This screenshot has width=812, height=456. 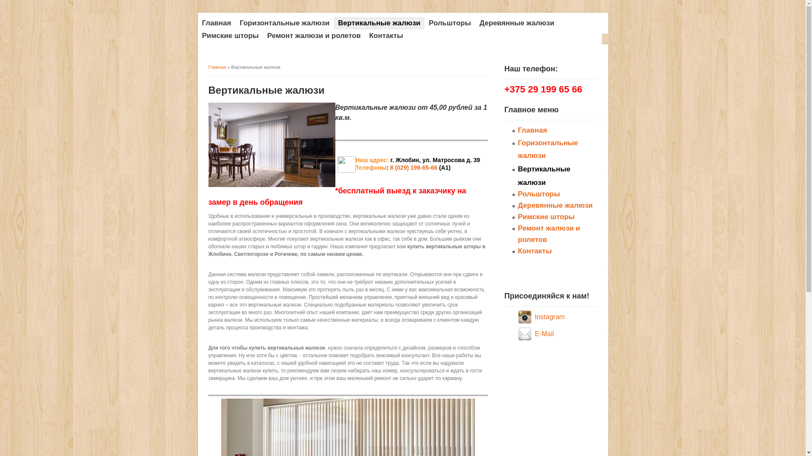 I want to click on 'Instagram', so click(x=525, y=317).